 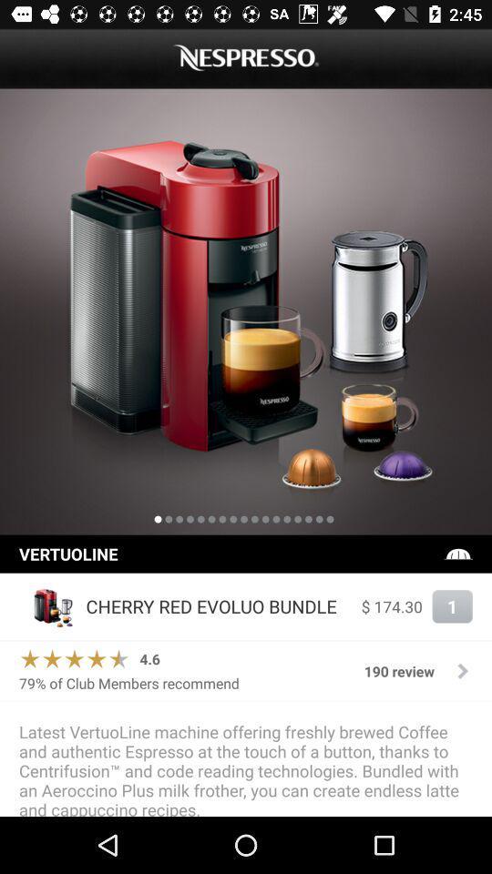 I want to click on icon to the left of $ 174.30 icon, so click(x=219, y=606).